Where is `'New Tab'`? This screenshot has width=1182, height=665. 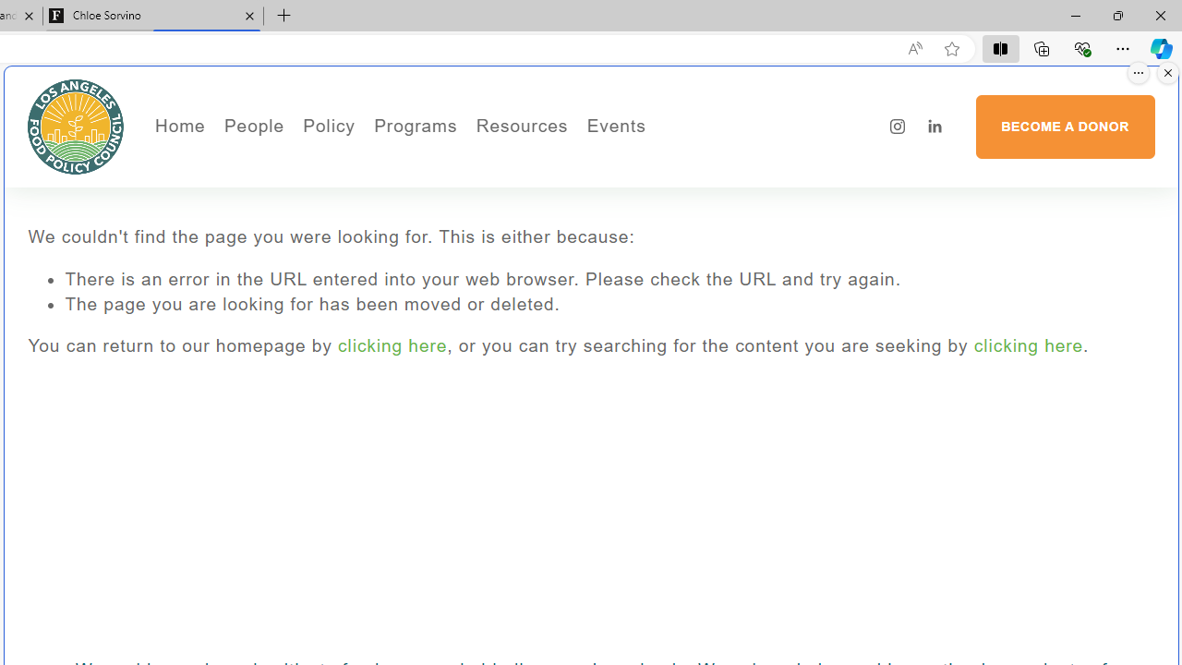 'New Tab' is located at coordinates (283, 16).